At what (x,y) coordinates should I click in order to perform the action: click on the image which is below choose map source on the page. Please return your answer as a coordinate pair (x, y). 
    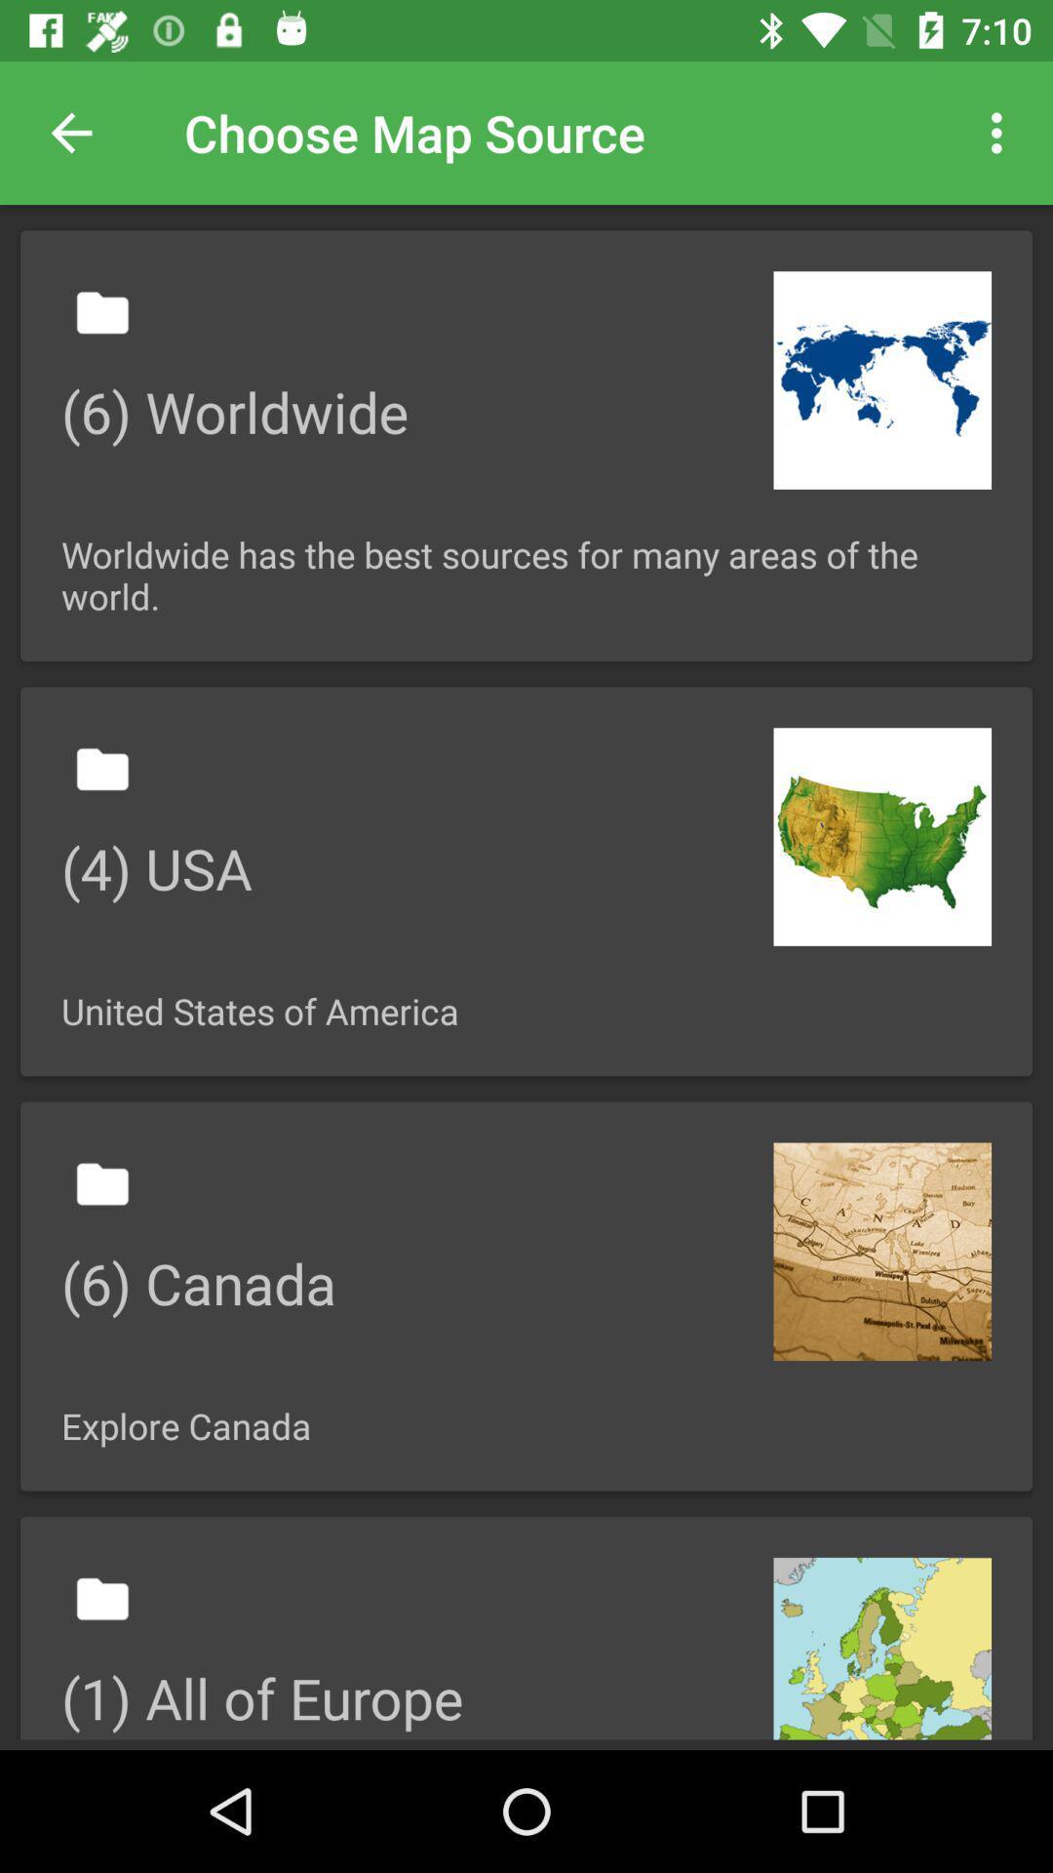
    Looking at the image, I should click on (526, 444).